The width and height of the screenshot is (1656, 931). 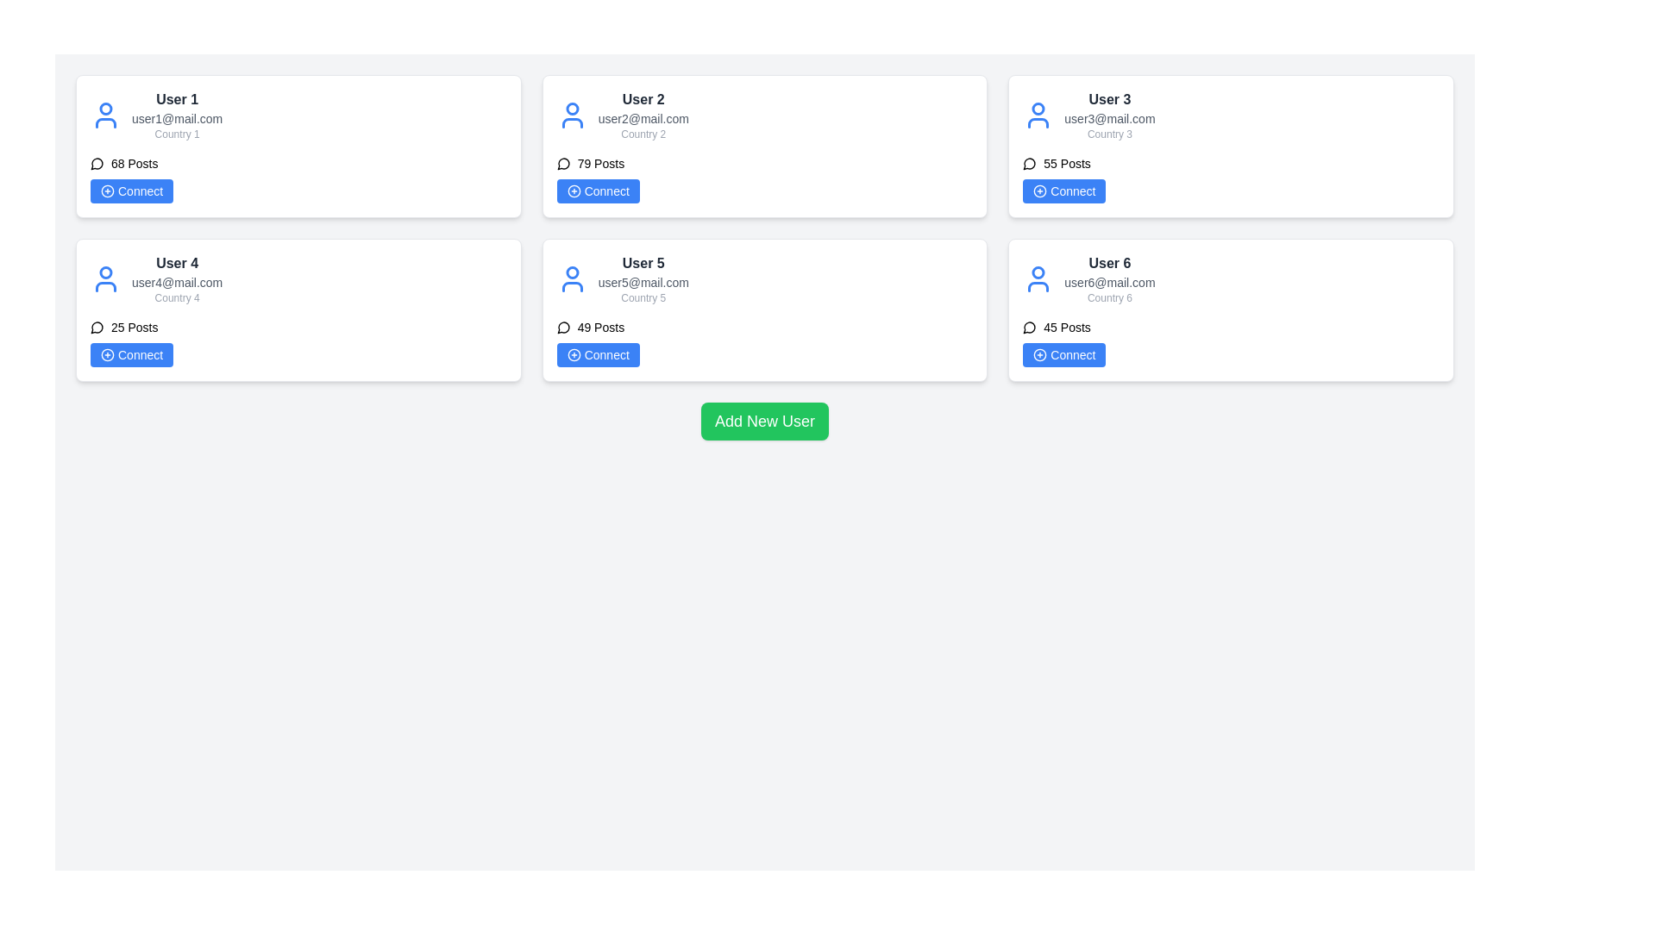 What do you see at coordinates (1038, 116) in the screenshot?
I see `the profile picture icon representing 'User 3' in the user grid layout, located in the second row and third column` at bounding box center [1038, 116].